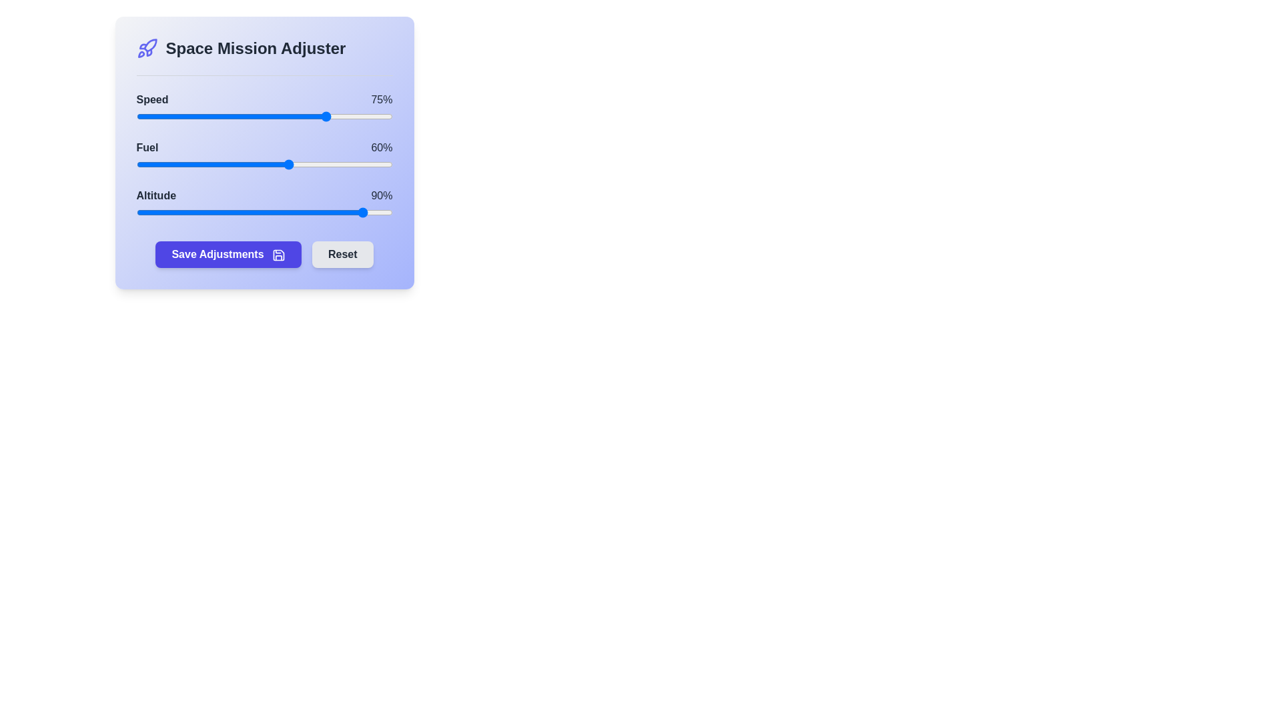  I want to click on the 0 slider to 66%, so click(304, 115).